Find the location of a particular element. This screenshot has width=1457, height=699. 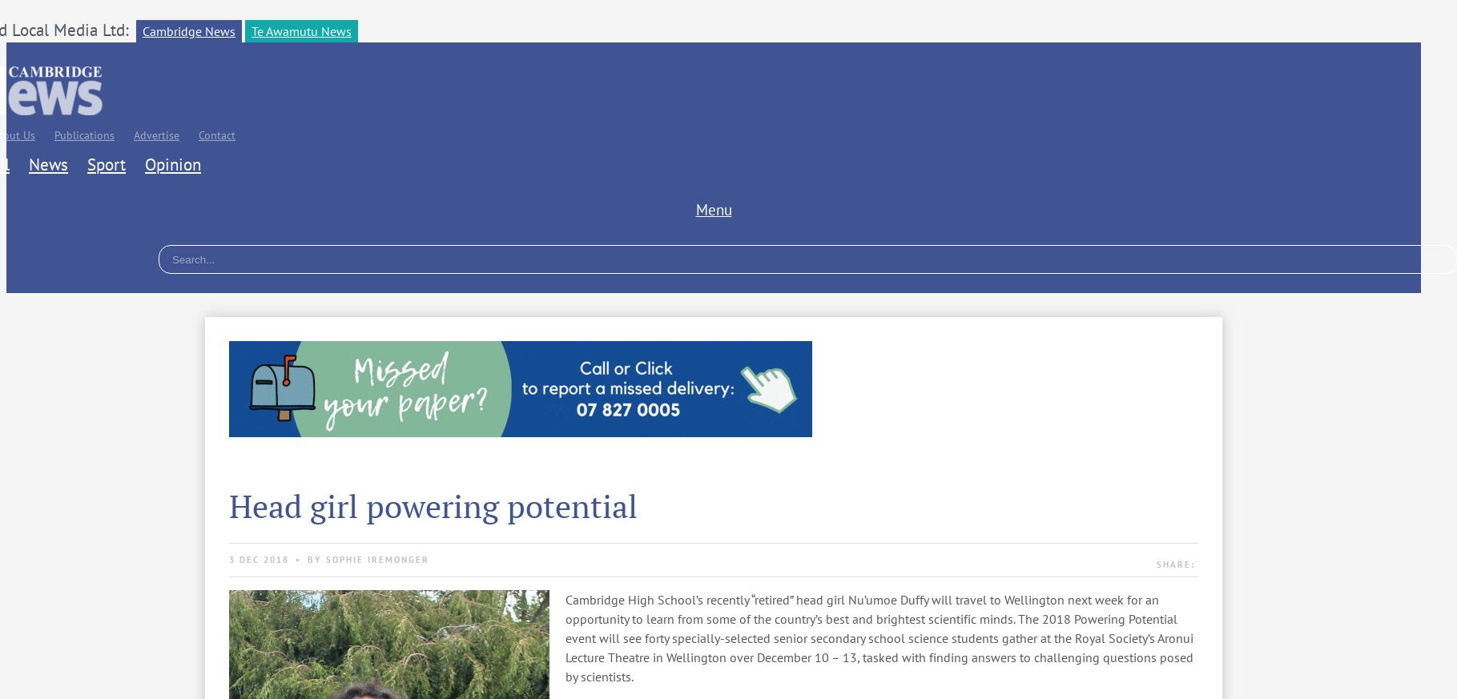

'By Sophie Iremonger' is located at coordinates (368, 559).